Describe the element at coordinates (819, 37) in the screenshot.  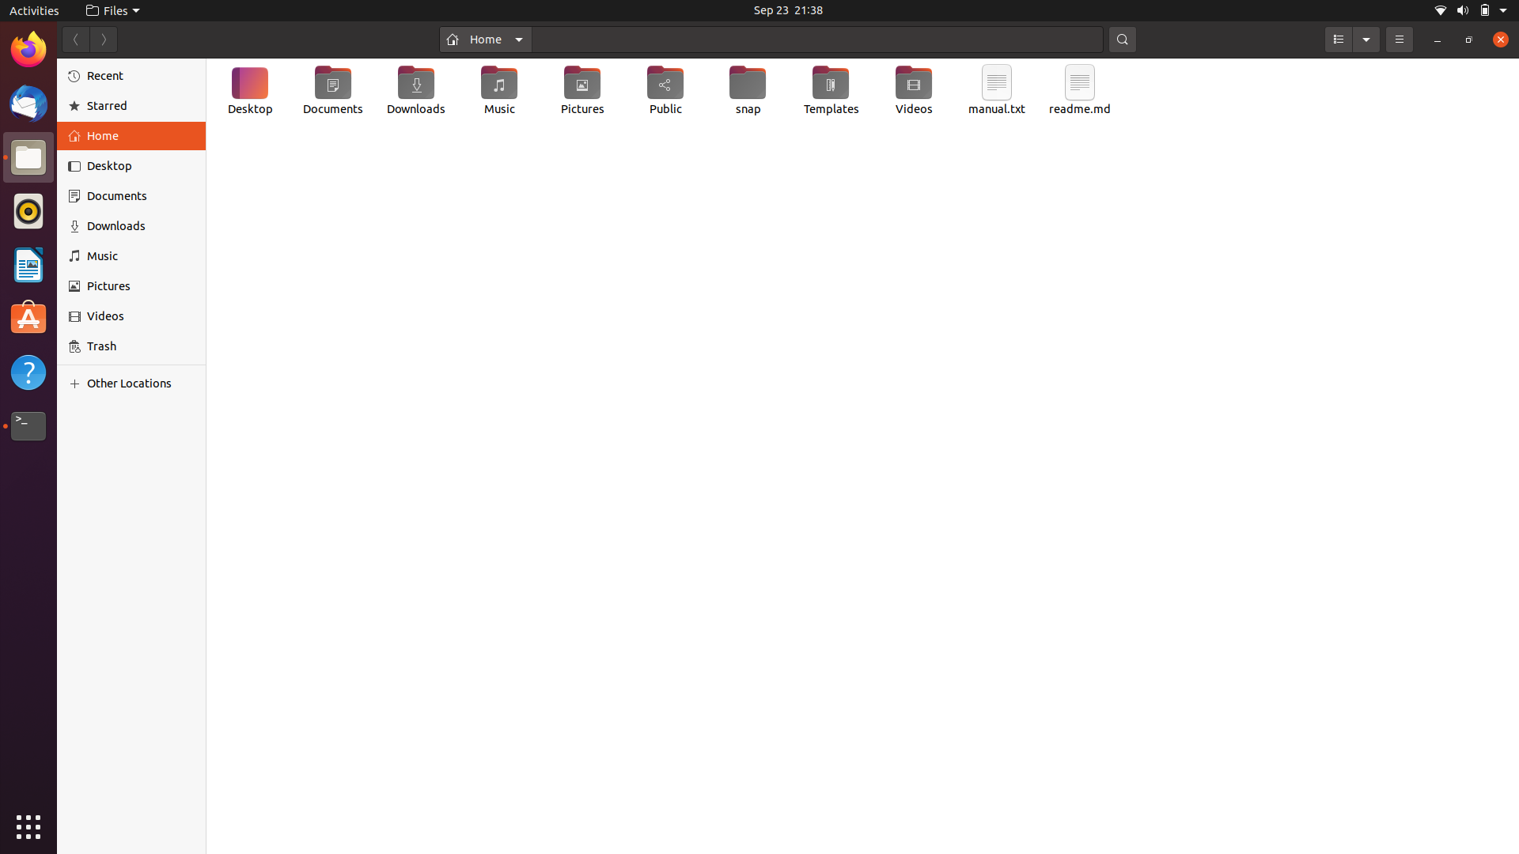
I see `Locate the file named "helloworld.txt" in the home directory` at that location.